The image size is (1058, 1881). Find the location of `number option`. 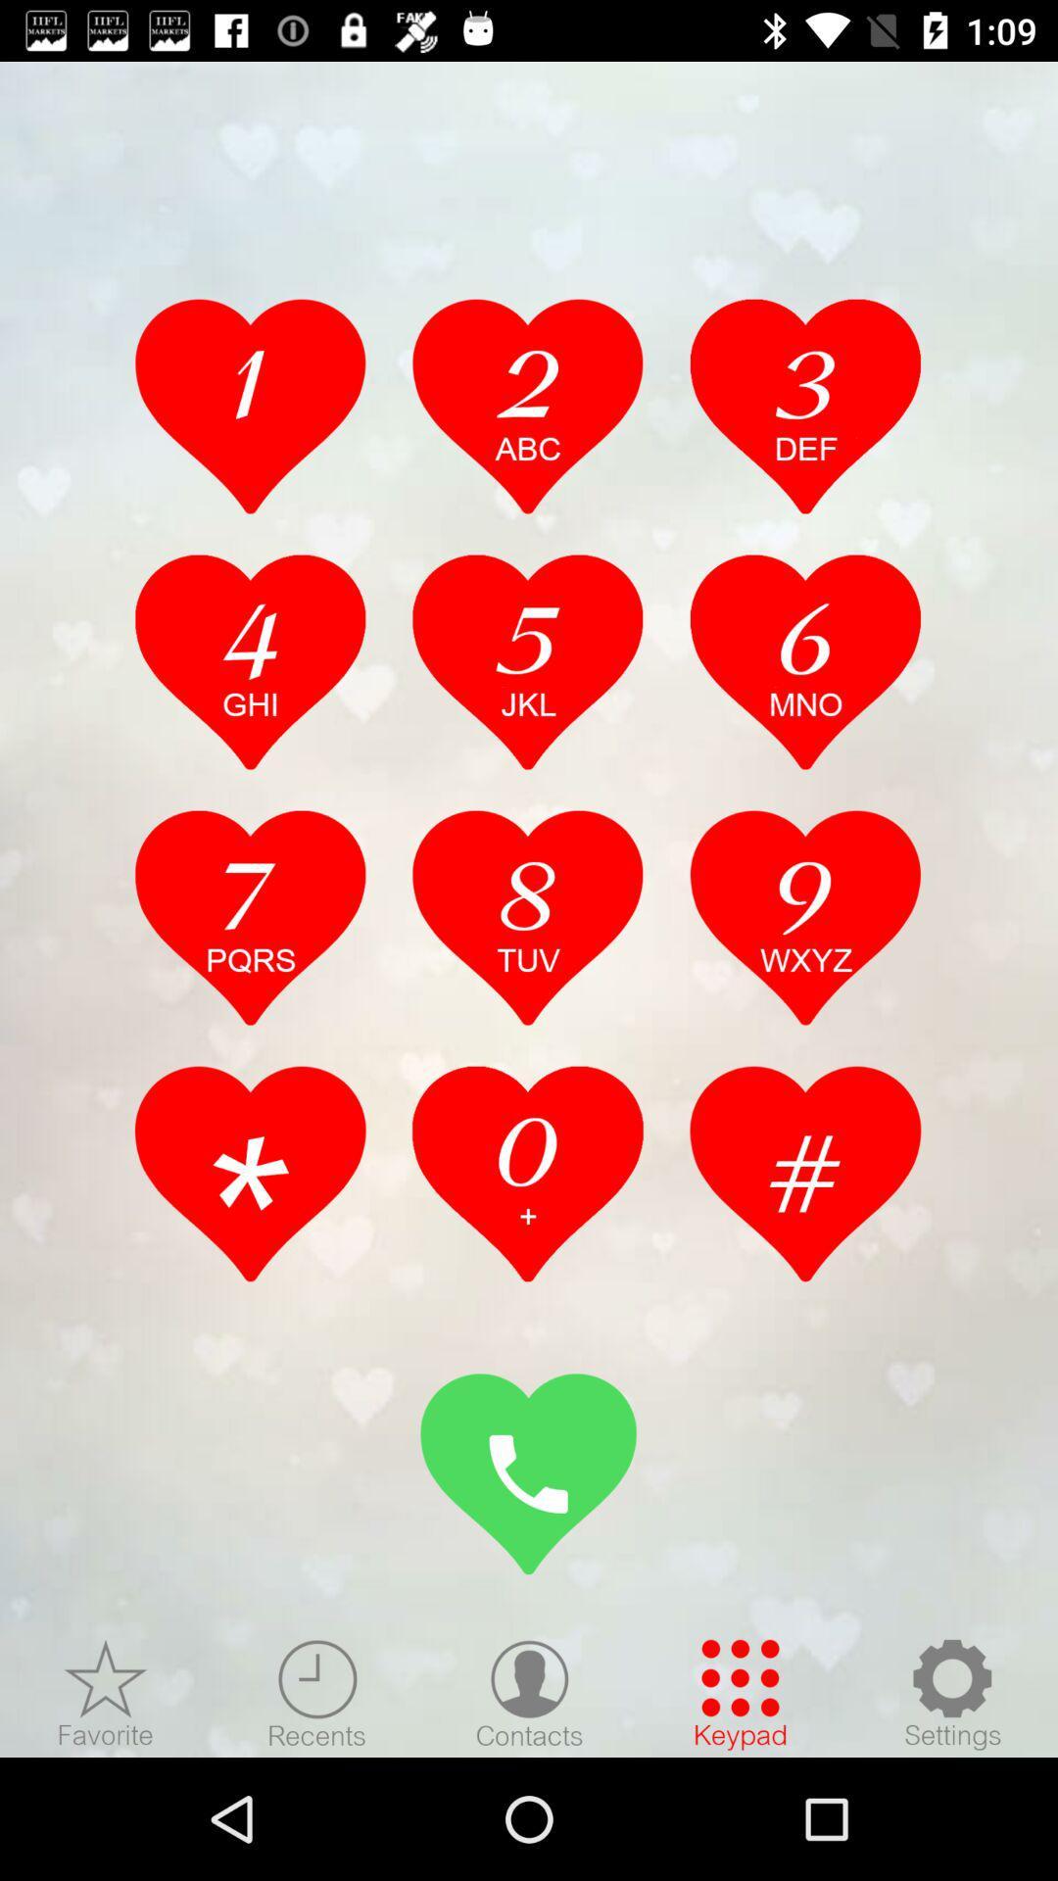

number option is located at coordinates (527, 1174).